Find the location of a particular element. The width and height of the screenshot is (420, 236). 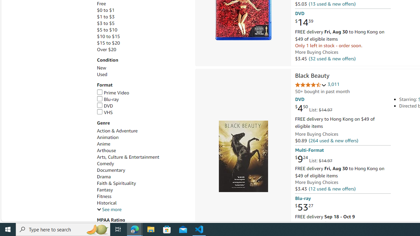

'Faith & Spirituality' is located at coordinates (142, 183).